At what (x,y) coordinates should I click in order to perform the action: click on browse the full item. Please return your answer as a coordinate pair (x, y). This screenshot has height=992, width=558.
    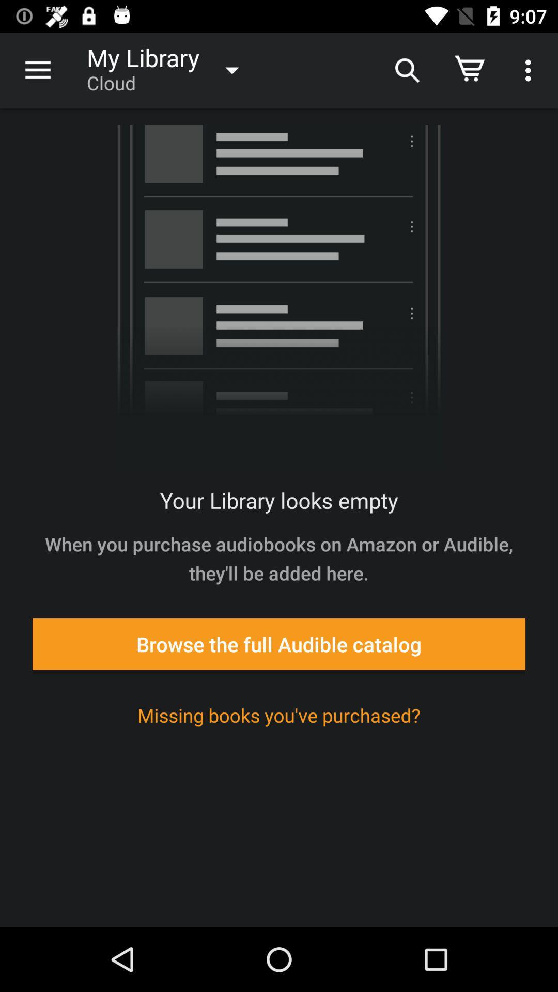
    Looking at the image, I should click on (279, 643).